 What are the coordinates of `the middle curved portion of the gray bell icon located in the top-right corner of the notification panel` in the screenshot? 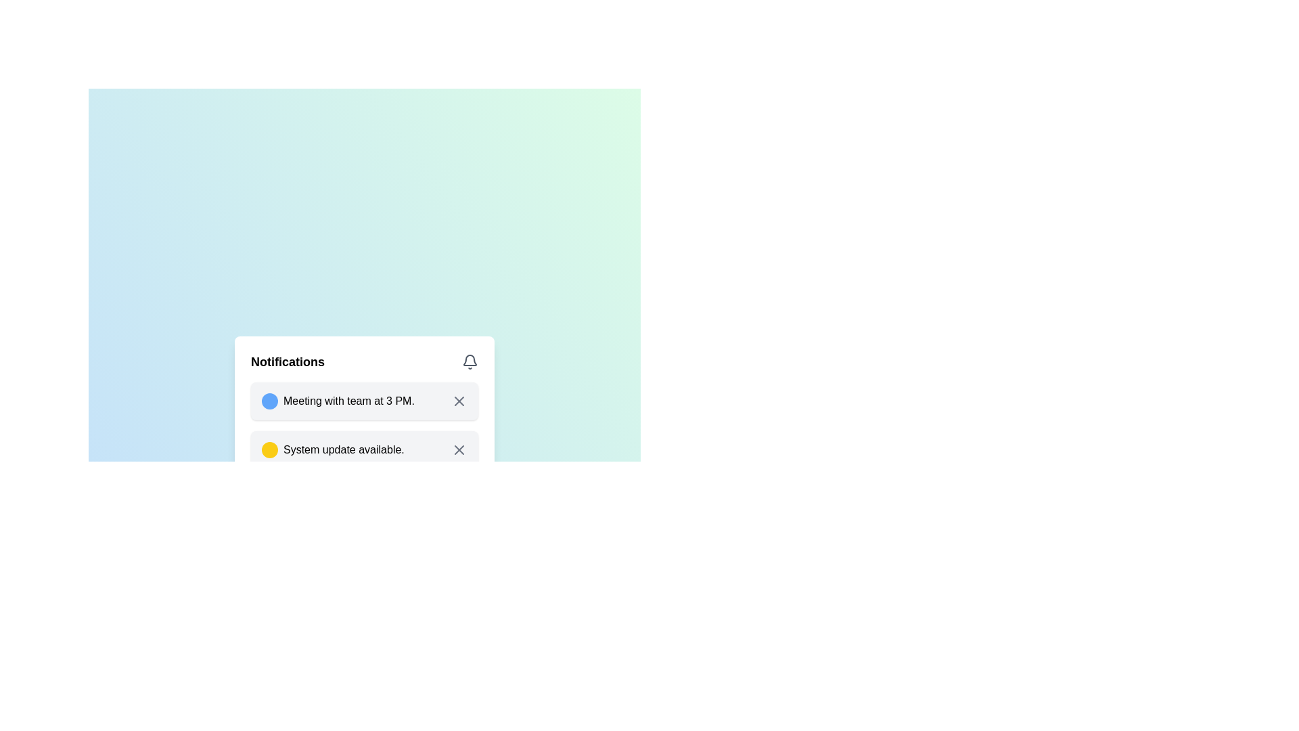 It's located at (470, 359).